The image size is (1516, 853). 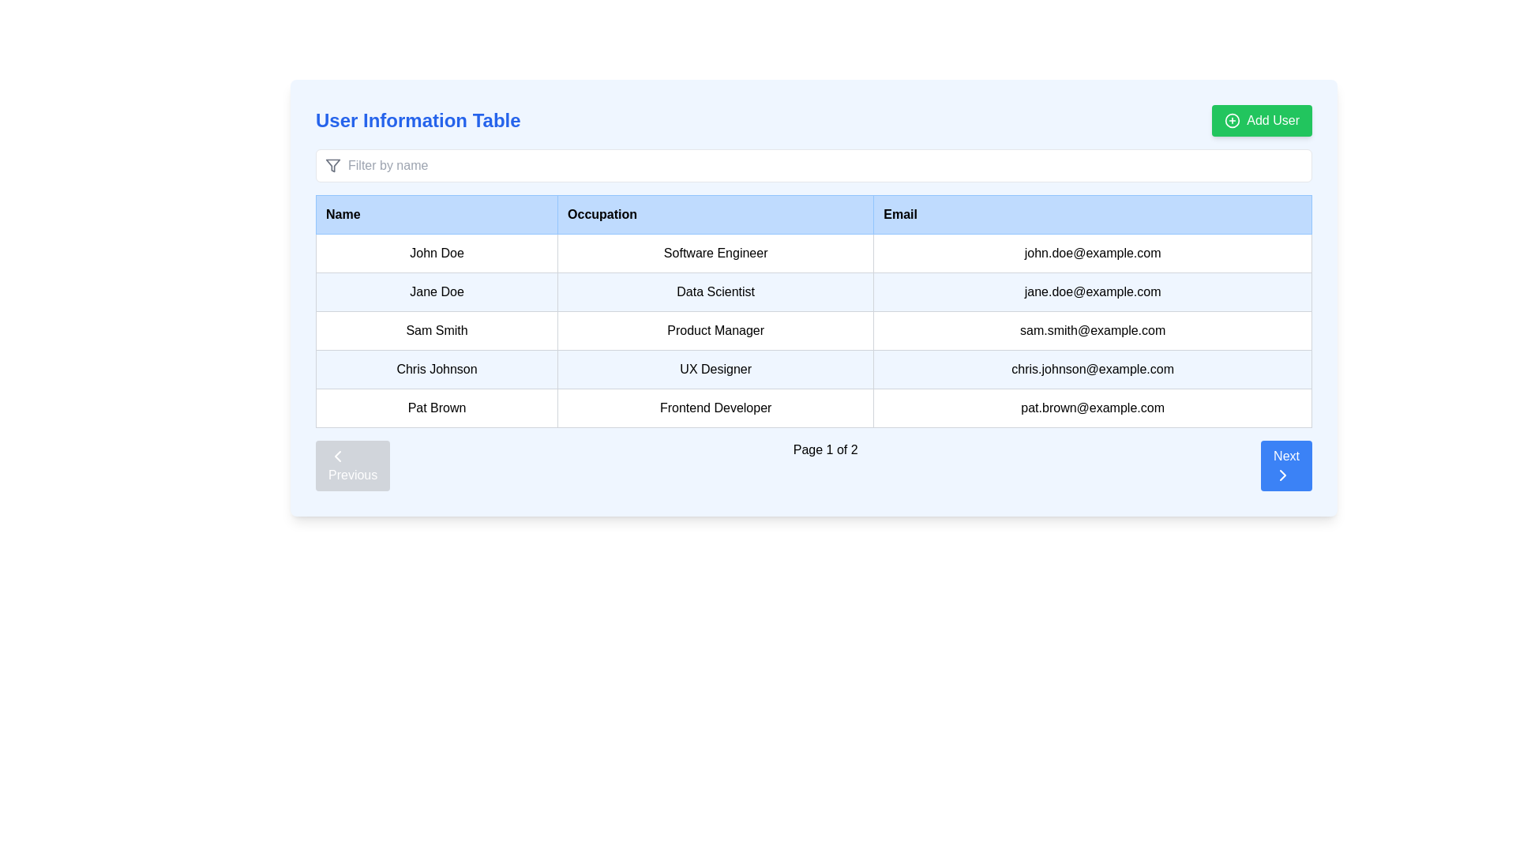 I want to click on text 'Sam Smith' displayed in black on a white background, located in the first column of the third row of the 'User Information Table', so click(x=437, y=330).